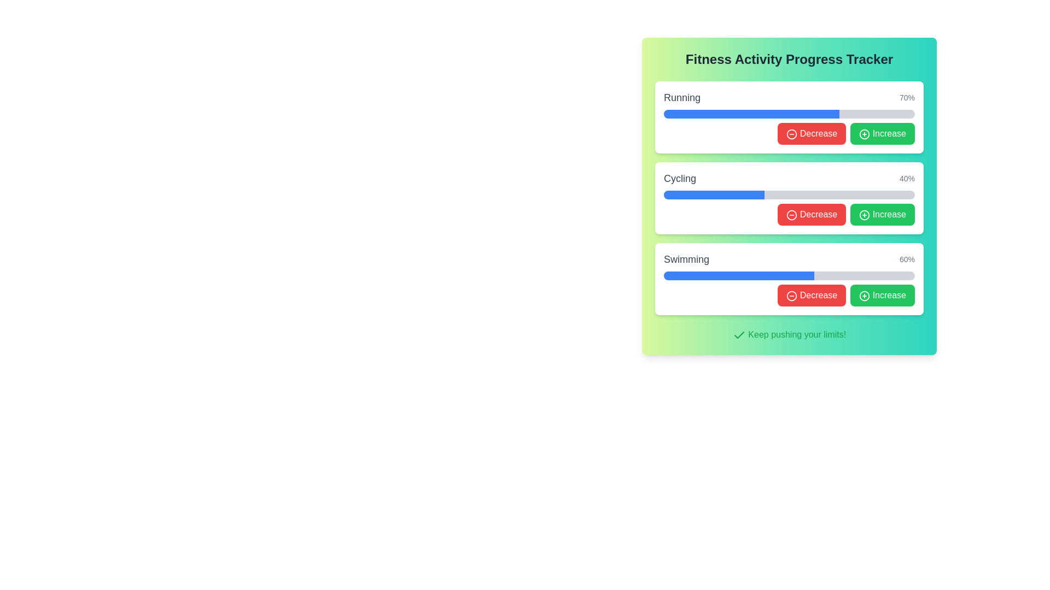  What do you see at coordinates (713, 194) in the screenshot?
I see `the progress for cycling activity` at bounding box center [713, 194].